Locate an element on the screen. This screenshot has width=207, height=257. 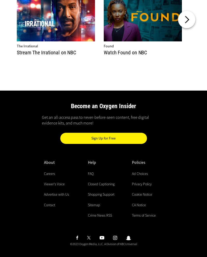
'Privacy Policy' is located at coordinates (142, 183).